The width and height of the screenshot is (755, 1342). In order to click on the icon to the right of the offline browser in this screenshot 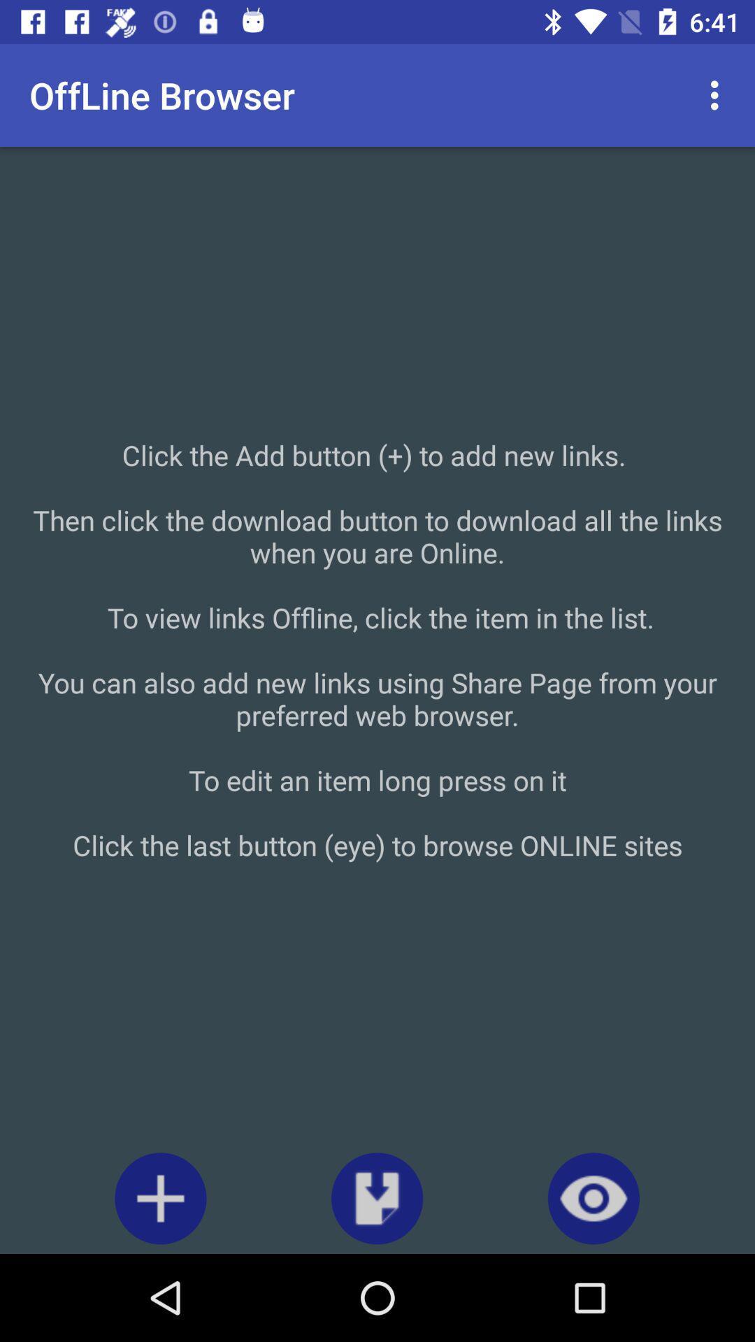, I will do `click(718, 94)`.